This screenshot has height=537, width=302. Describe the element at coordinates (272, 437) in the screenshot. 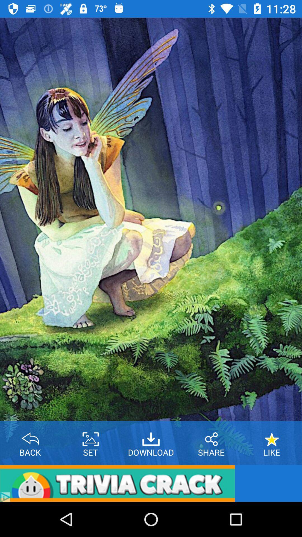

I see `to favorites` at that location.